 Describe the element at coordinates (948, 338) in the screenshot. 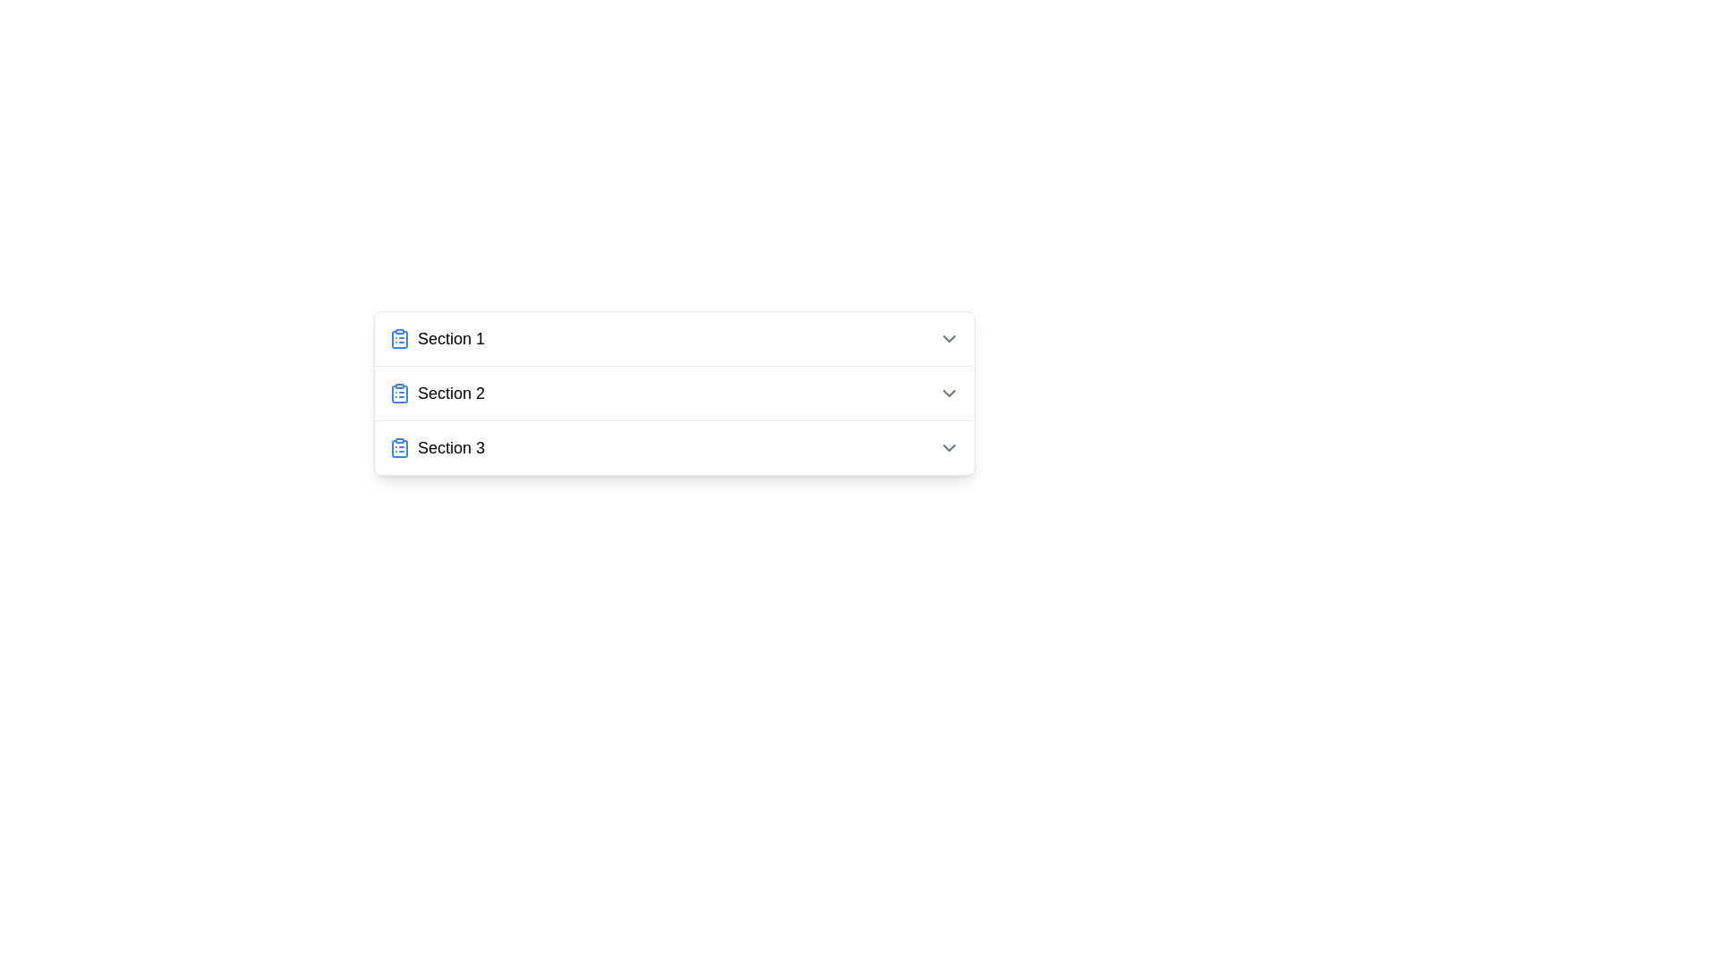

I see `the downward-facing gray chevron icon on the right side of 'Section 1'` at that location.